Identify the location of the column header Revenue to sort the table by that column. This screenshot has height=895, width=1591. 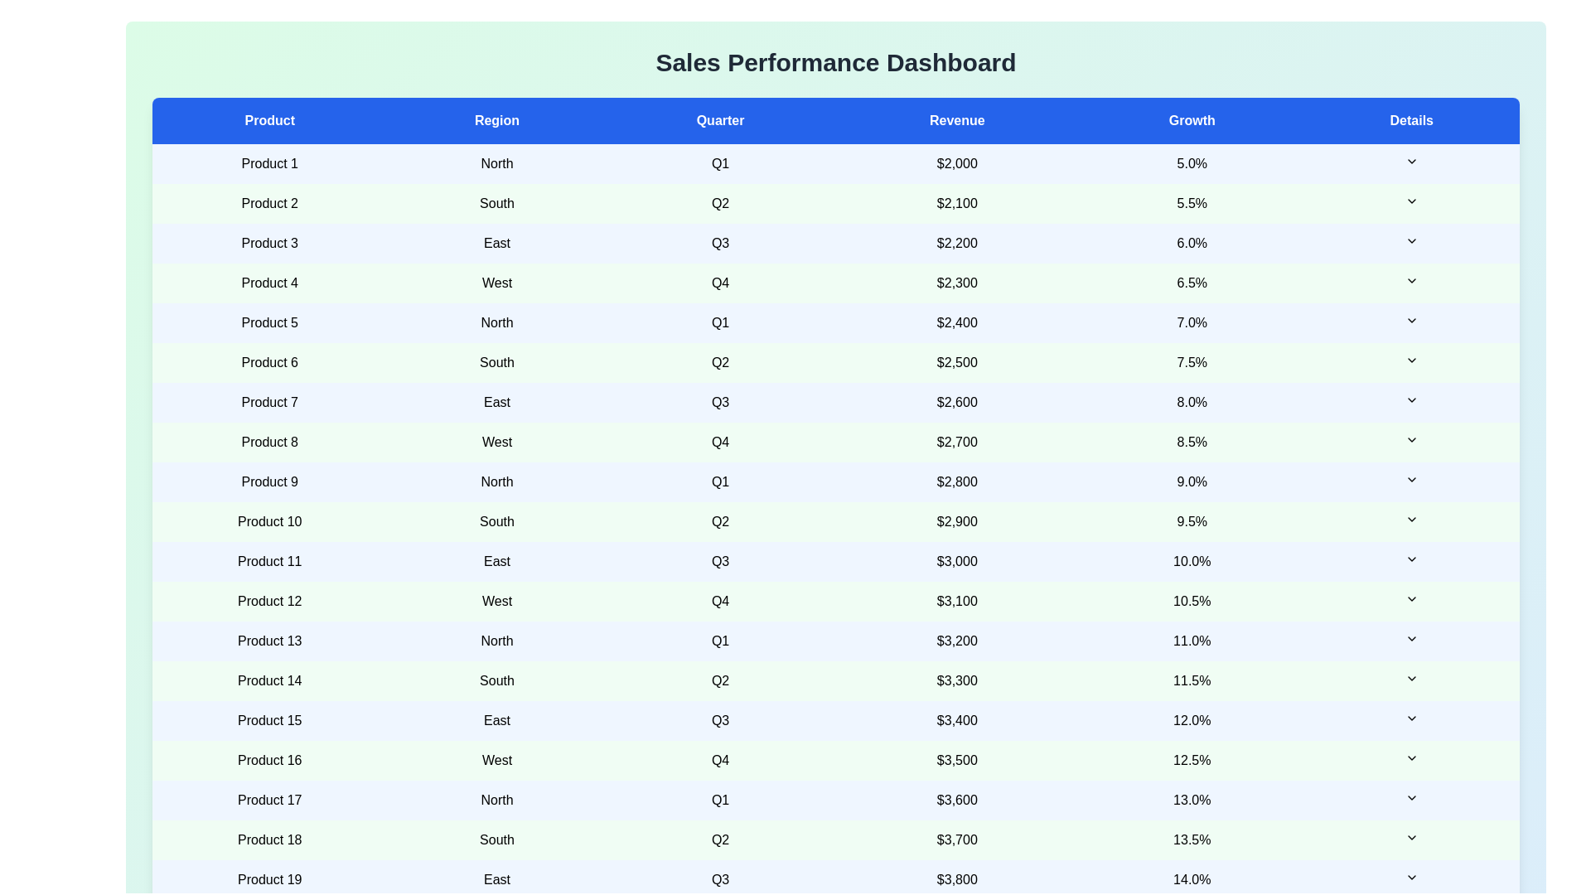
(957, 120).